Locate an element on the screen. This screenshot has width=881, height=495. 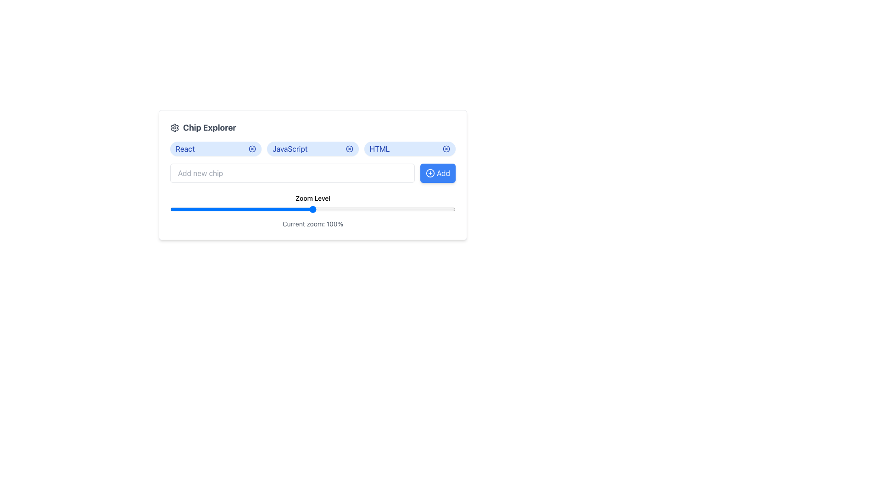
zoom level is located at coordinates (355, 209).